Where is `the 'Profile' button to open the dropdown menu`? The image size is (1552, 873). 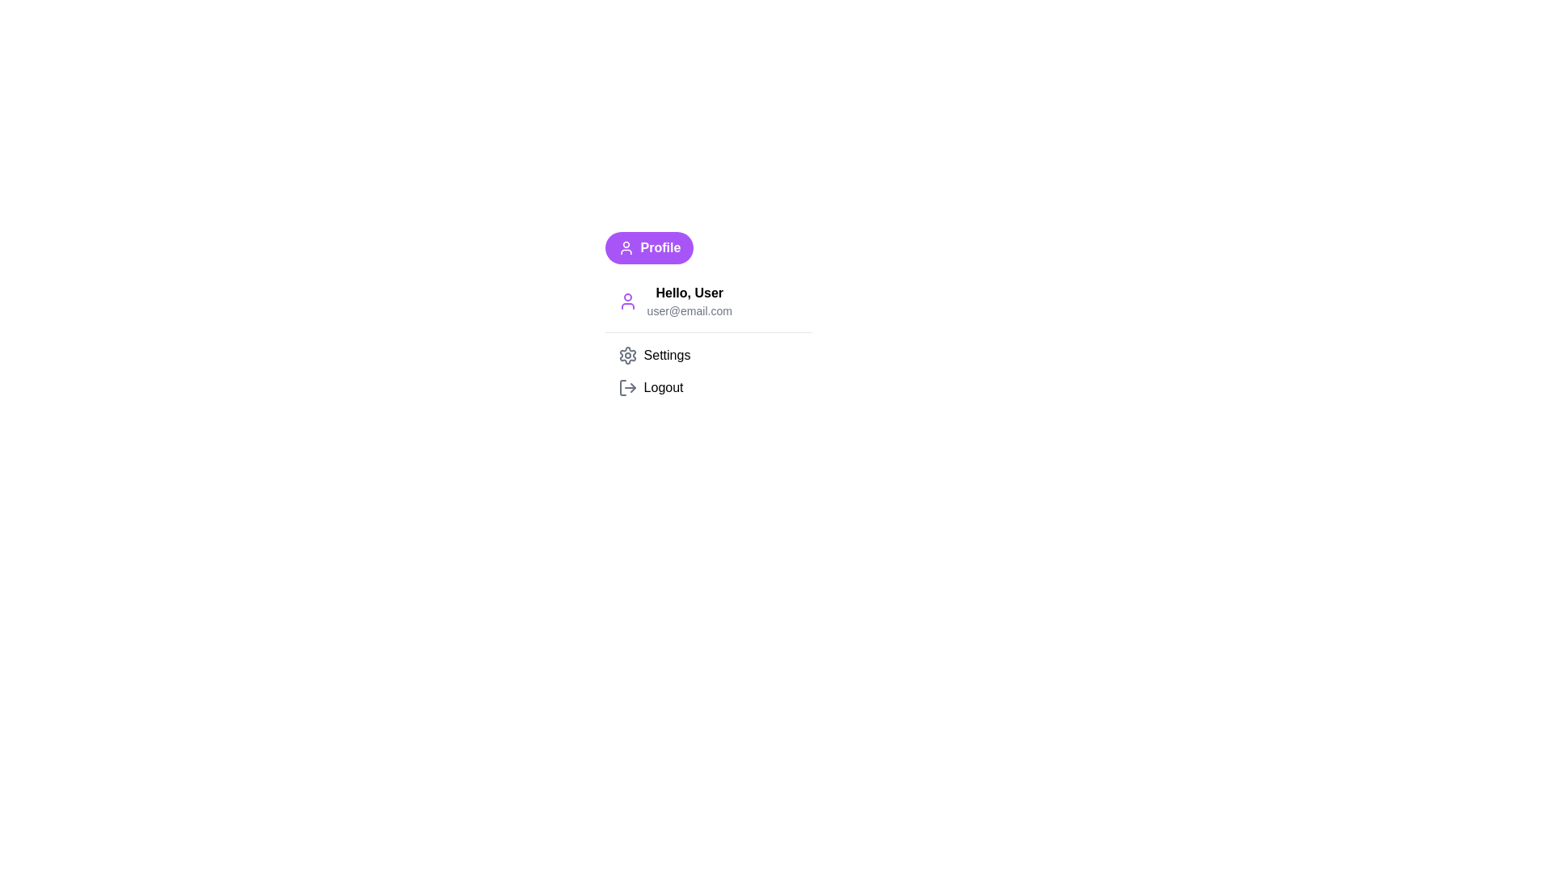
the 'Profile' button to open the dropdown menu is located at coordinates (649, 248).